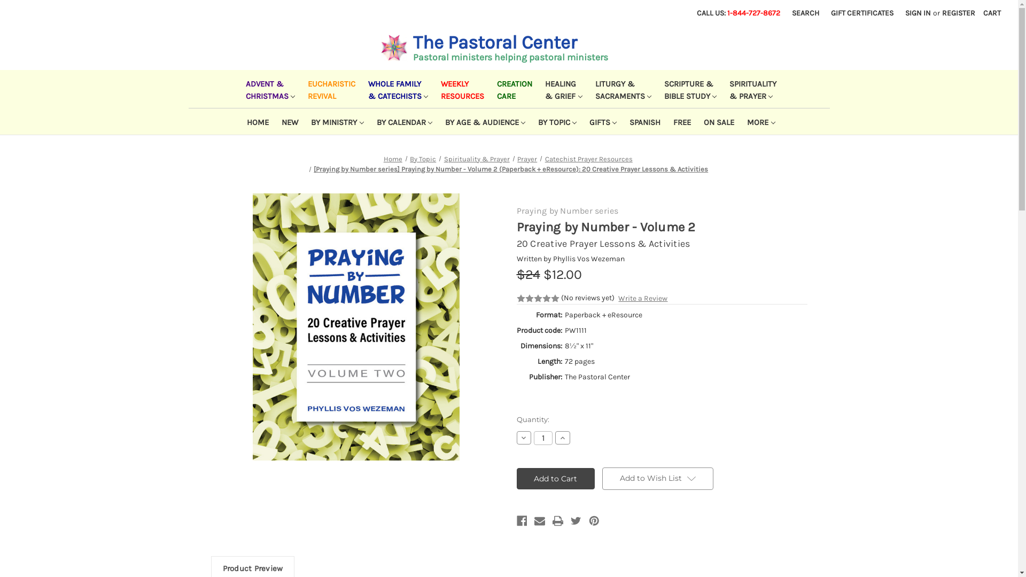 The image size is (1026, 577). I want to click on 'SCRIPTURE &, so click(688, 88).